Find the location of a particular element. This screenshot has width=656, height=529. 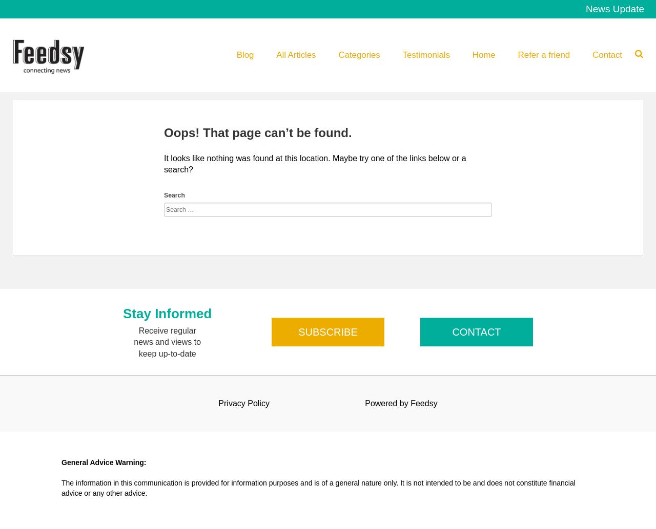

'news and views to' is located at coordinates (167, 342).